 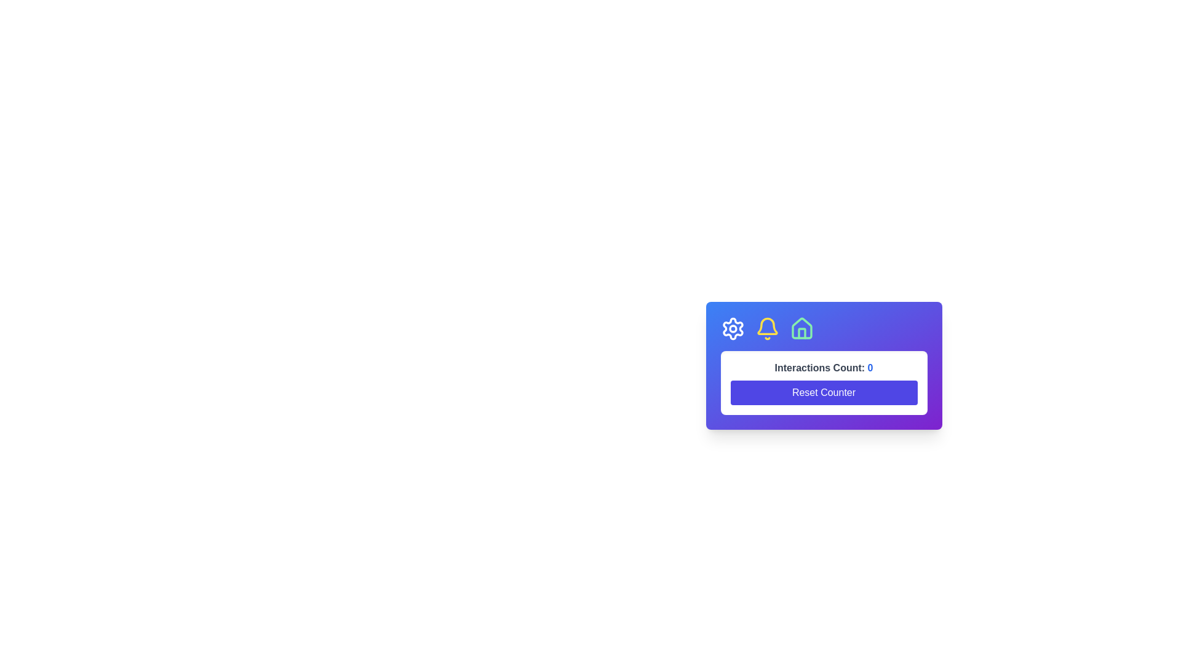 I want to click on the yellow bell-shaped notification icon, so click(x=766, y=328).